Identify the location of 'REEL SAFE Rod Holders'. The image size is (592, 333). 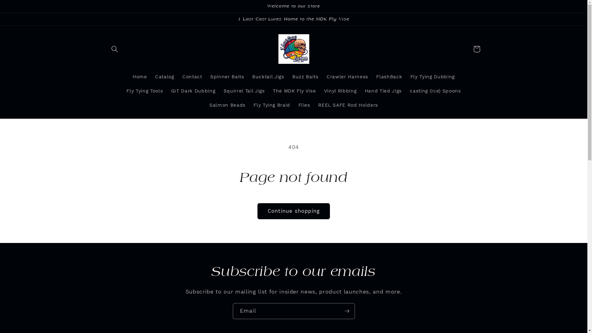
(348, 105).